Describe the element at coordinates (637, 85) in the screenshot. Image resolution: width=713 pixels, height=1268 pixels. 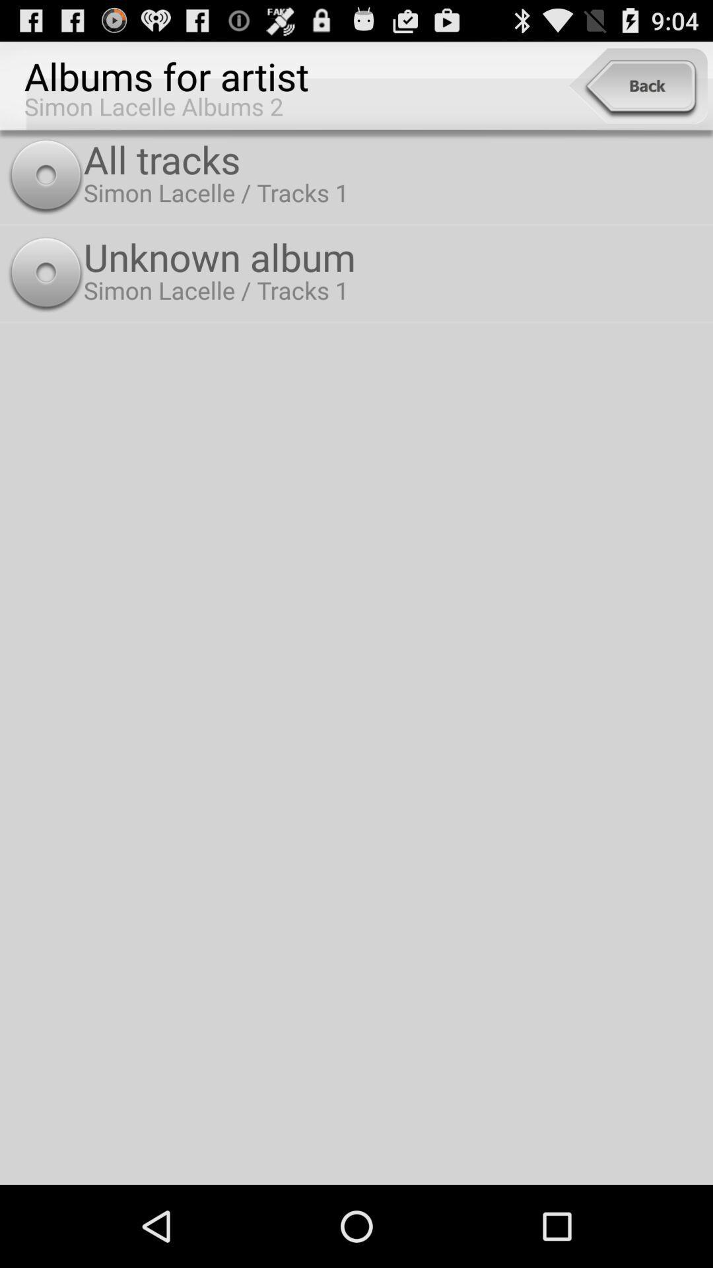
I see `the item next to the albums for artist icon` at that location.